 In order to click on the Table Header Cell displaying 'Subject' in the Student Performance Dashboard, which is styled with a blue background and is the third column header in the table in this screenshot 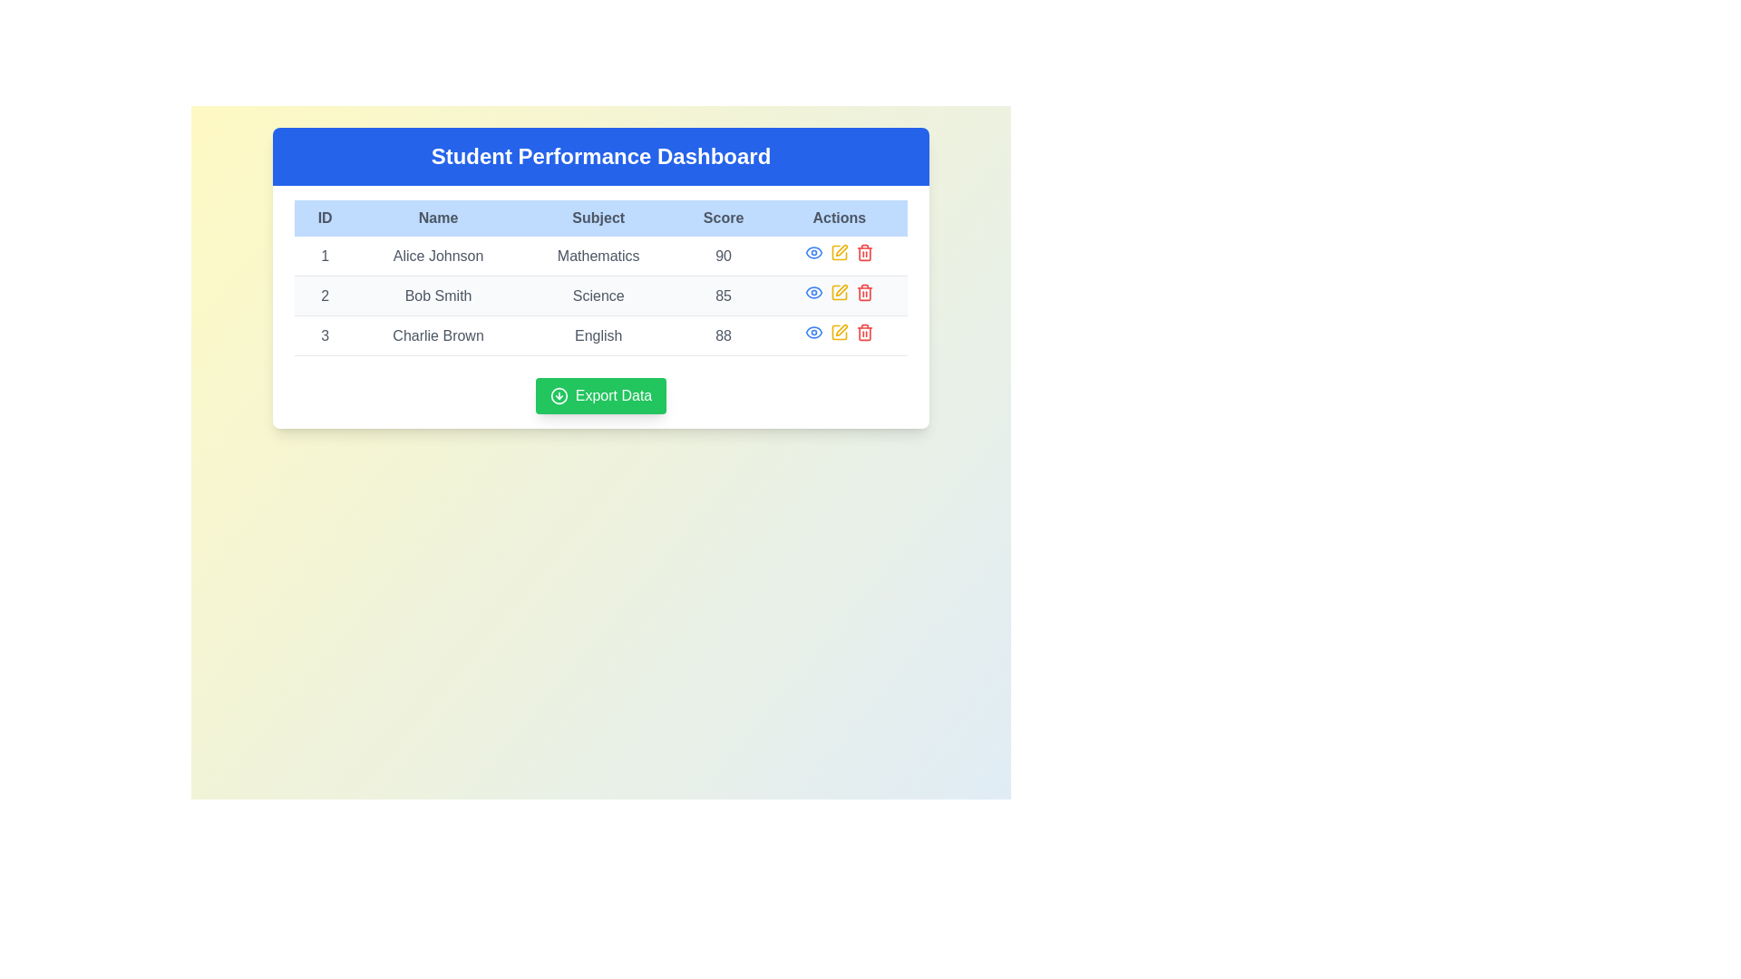, I will do `click(600, 217)`.